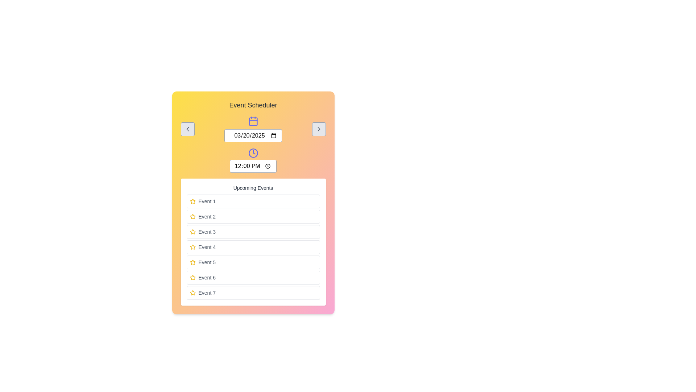 The width and height of the screenshot is (696, 392). Describe the element at coordinates (319, 128) in the screenshot. I see `the rightward navigation vector graphic element located in the top-right corner of the interface` at that location.